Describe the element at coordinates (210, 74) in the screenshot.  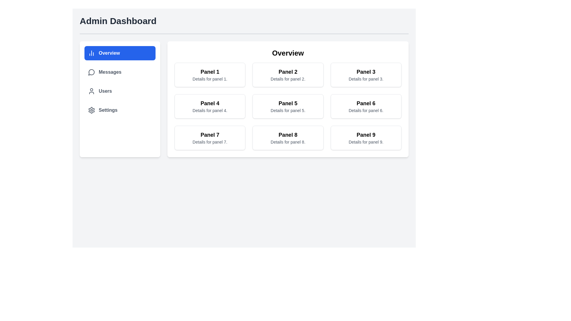
I see `the panel located at the top-left corner of the 3x3 grid in the 'Overview' section, which displays a title and a brief description for a specific subsection or feature` at that location.